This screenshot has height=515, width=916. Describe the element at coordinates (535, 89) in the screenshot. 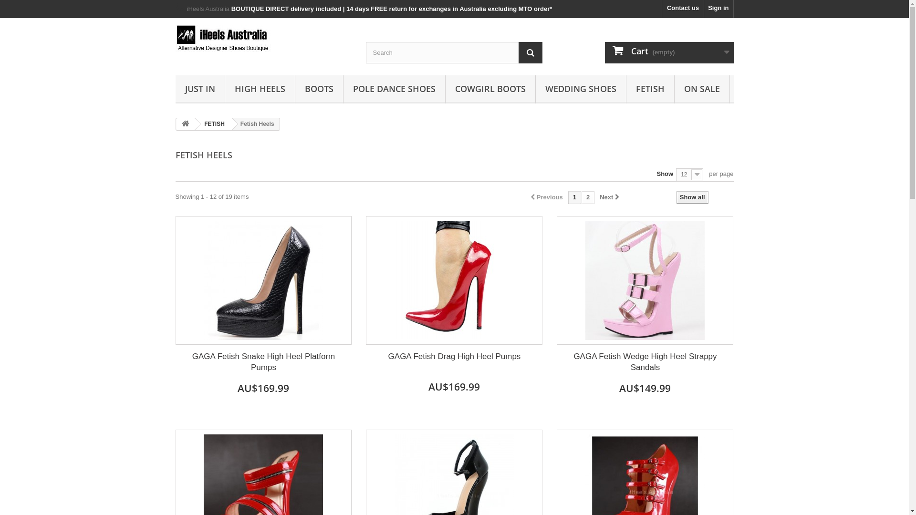

I see `'WEDDING SHOES'` at that location.